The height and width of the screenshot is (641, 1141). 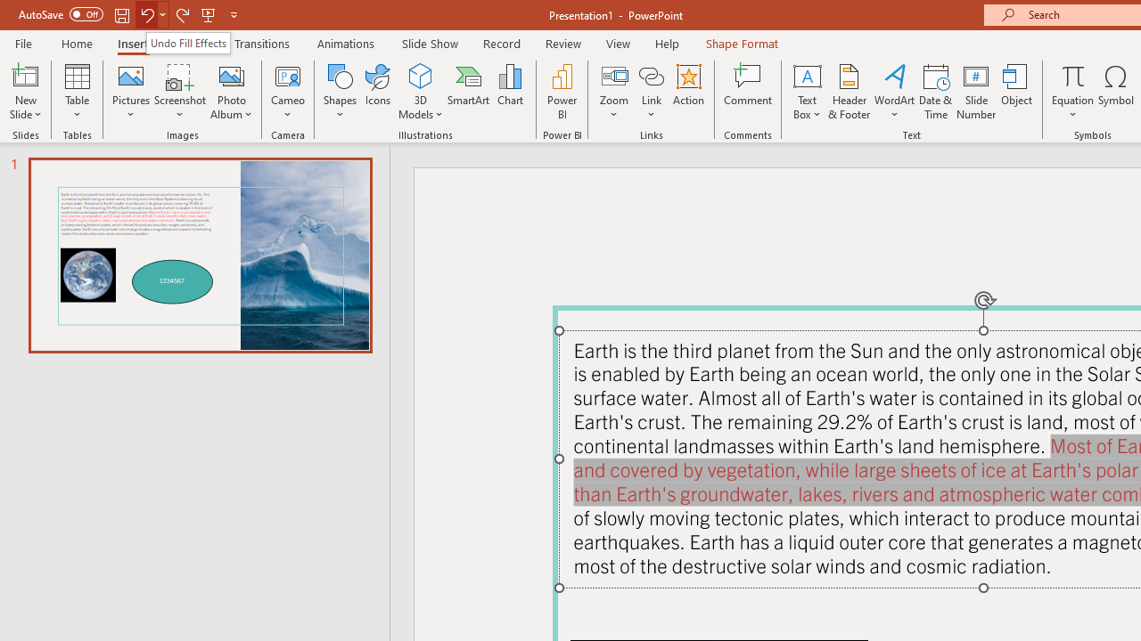 I want to click on 'New Photo Album...', so click(x=230, y=75).